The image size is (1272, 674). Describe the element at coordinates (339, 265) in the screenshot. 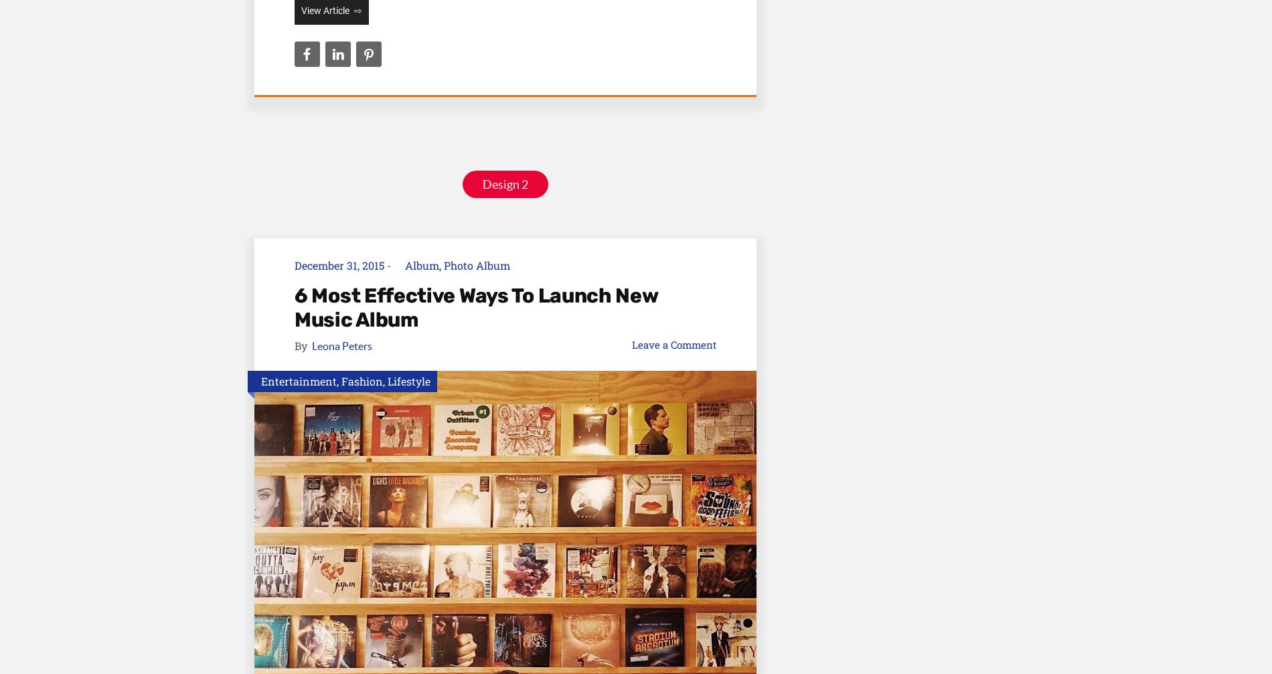

I see `'December 31, 2015'` at that location.